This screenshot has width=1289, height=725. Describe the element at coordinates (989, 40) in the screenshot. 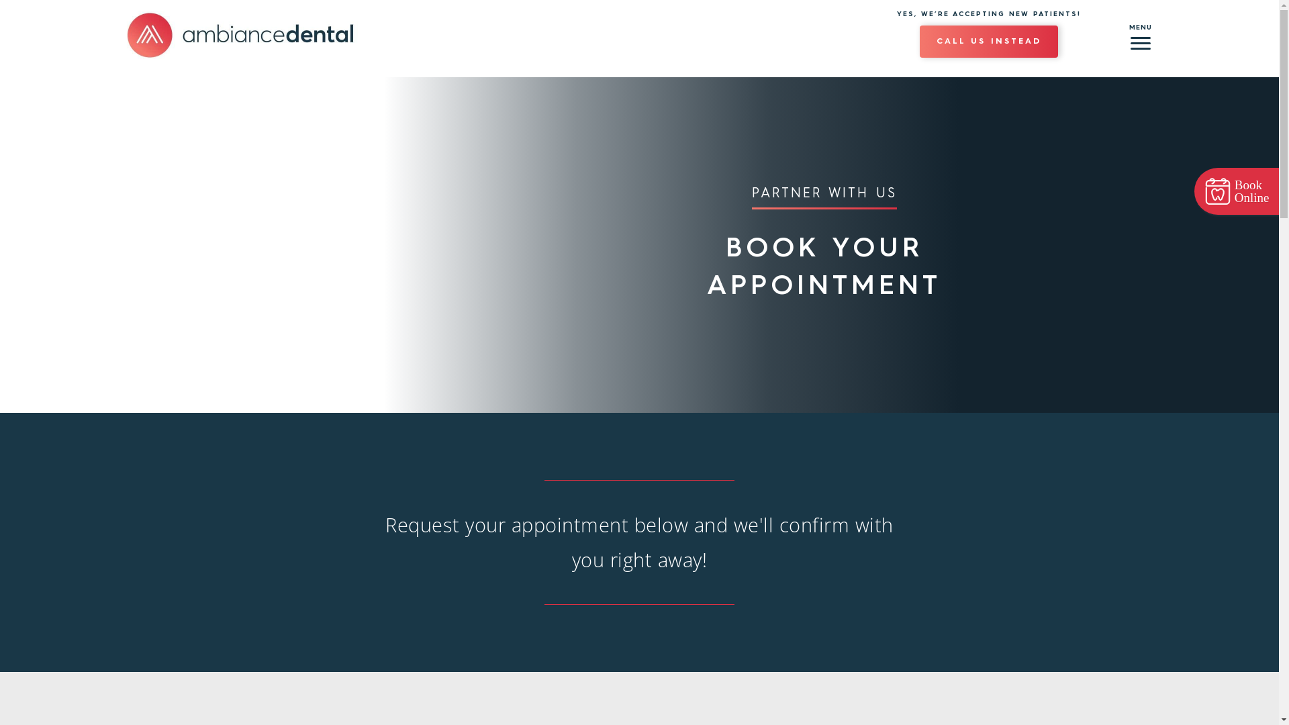

I see `'CALL US INSTEAD'` at that location.